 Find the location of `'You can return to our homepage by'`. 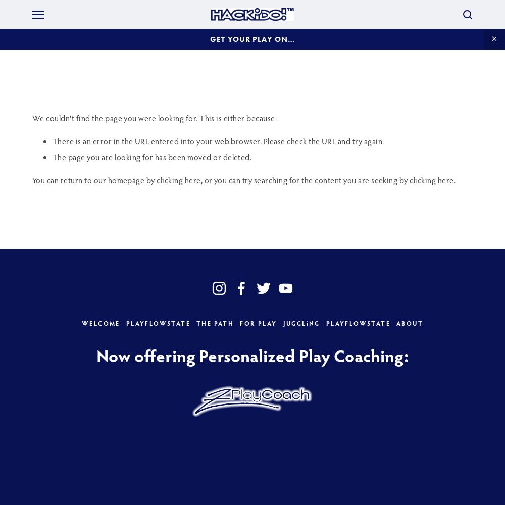

'You can return to our homepage by' is located at coordinates (94, 179).